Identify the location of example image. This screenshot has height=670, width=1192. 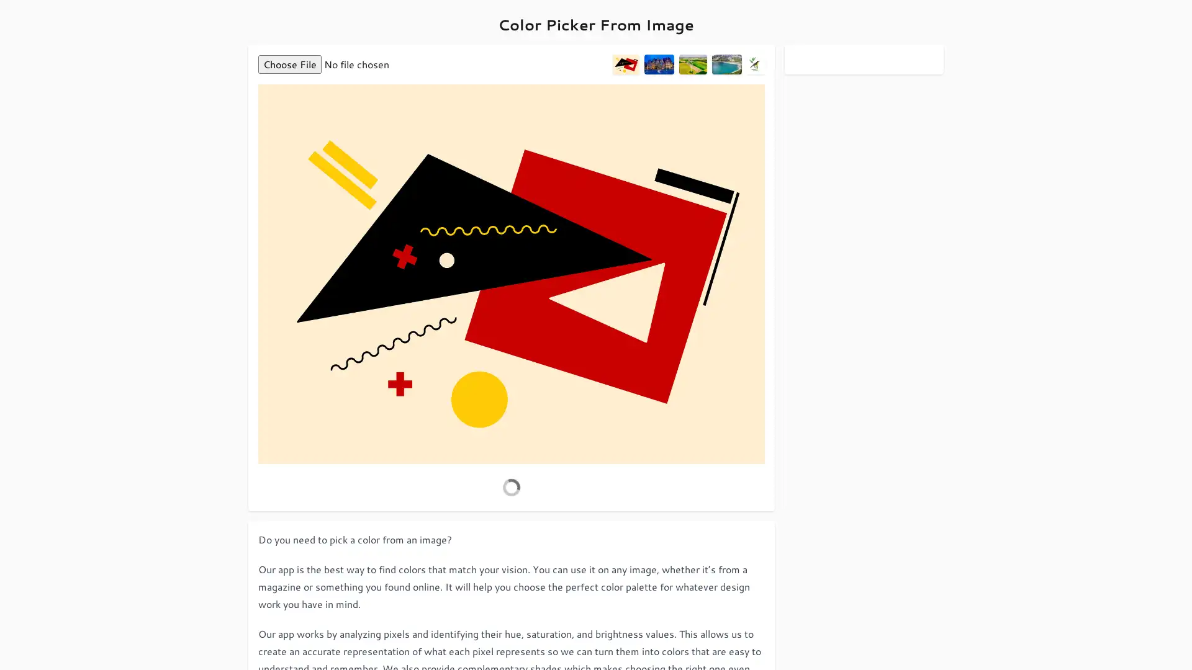
(726, 65).